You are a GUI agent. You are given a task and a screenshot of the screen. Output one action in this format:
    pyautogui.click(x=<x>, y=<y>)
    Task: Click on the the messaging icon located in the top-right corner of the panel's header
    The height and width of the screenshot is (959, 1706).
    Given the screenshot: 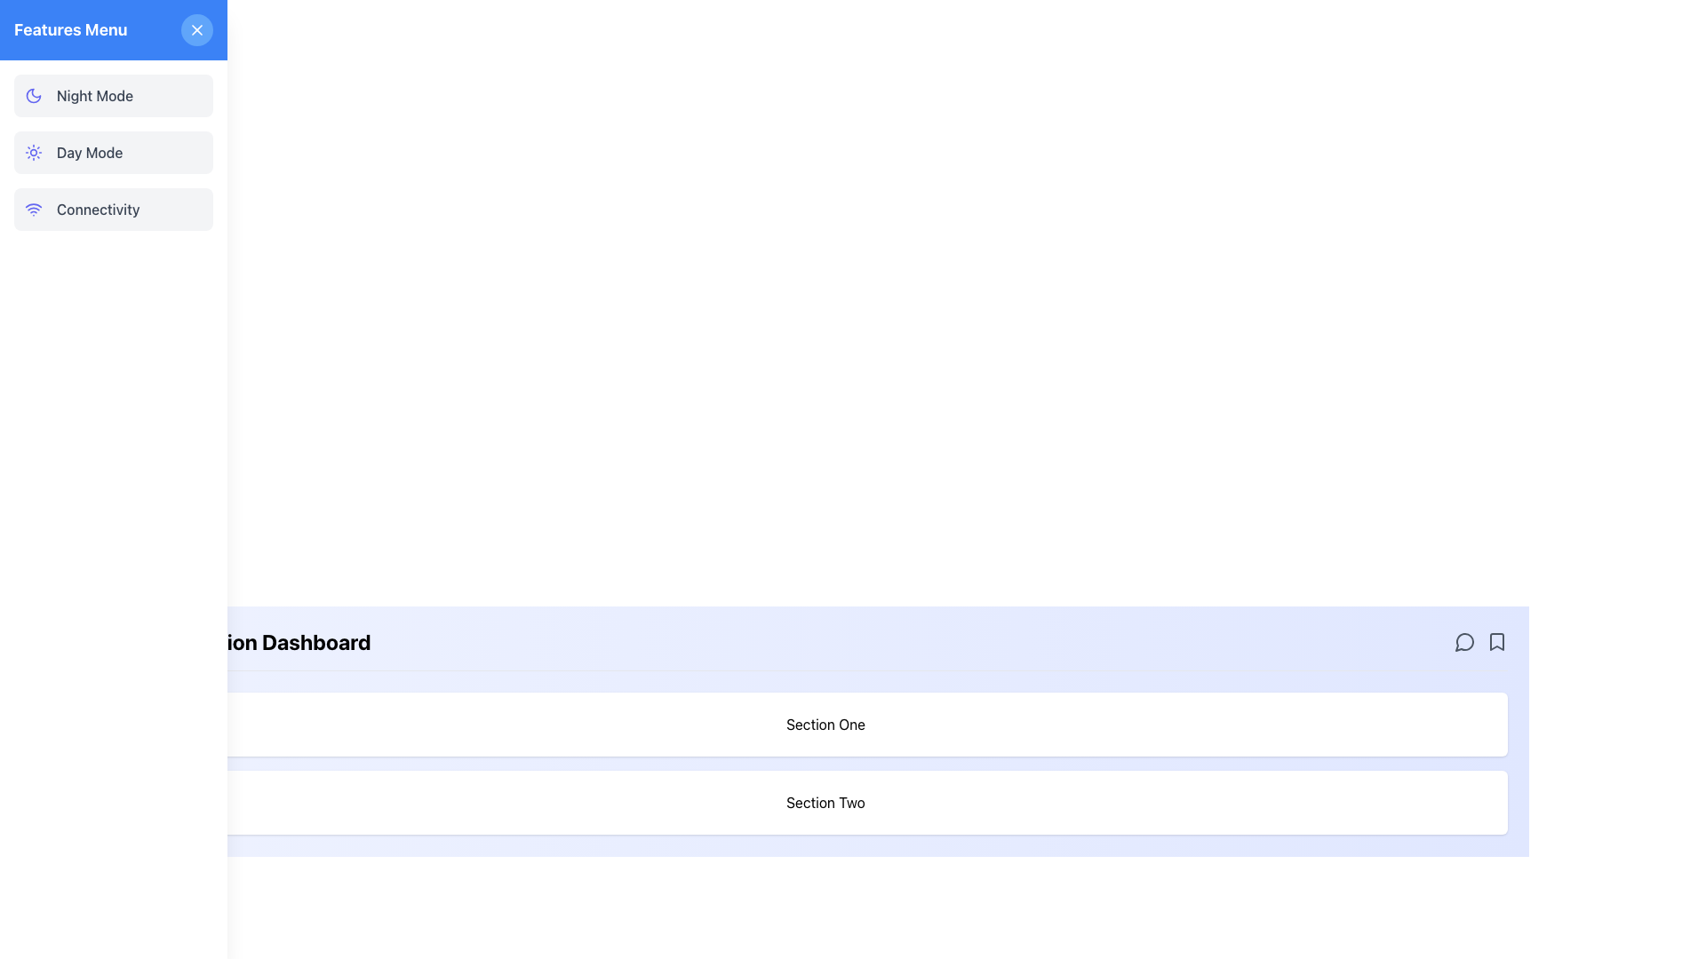 What is the action you would take?
    pyautogui.click(x=1464, y=642)
    